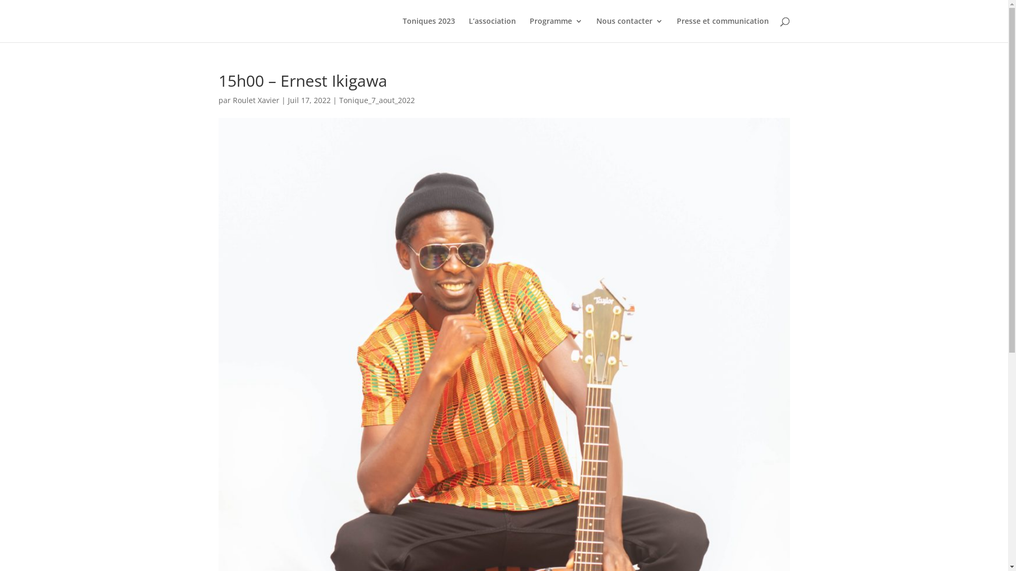 Image resolution: width=1016 pixels, height=571 pixels. Describe the element at coordinates (232, 100) in the screenshot. I see `'Roulet Xavier'` at that location.